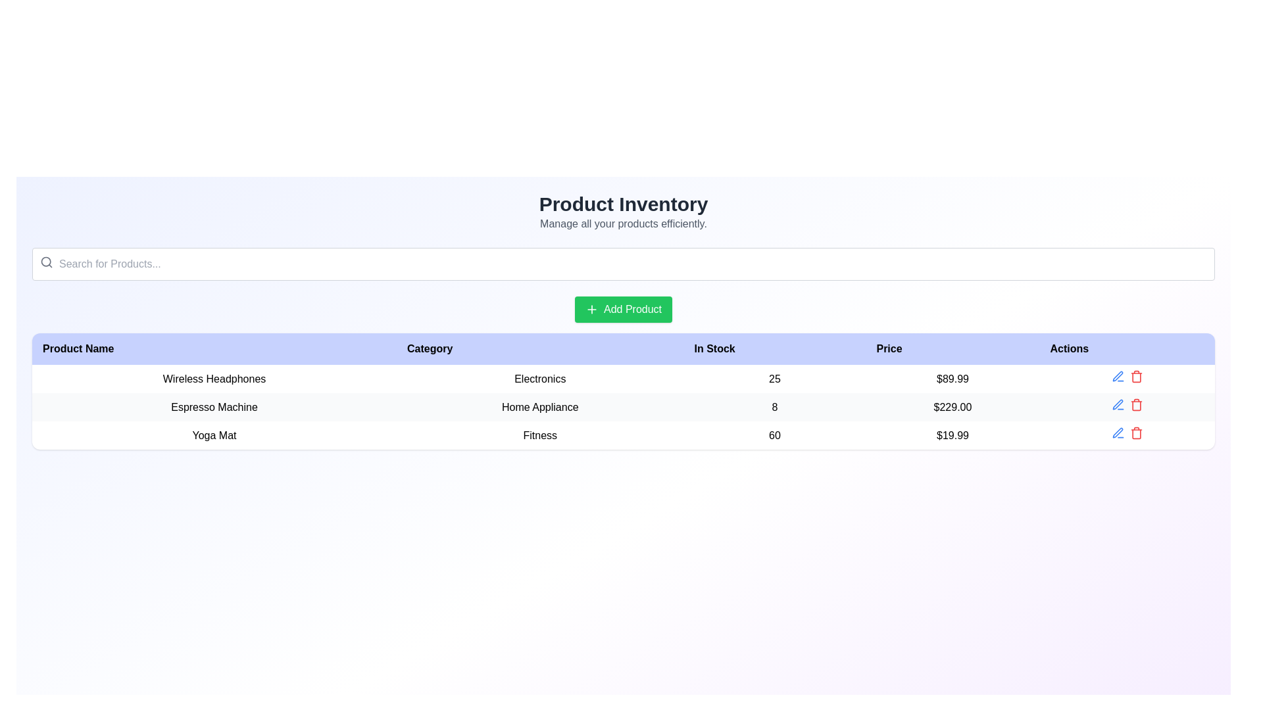  What do you see at coordinates (623, 309) in the screenshot?
I see `the 'Add Product' button located centrally between the 'Product Inventory' header and the product table to initiate adding a product` at bounding box center [623, 309].